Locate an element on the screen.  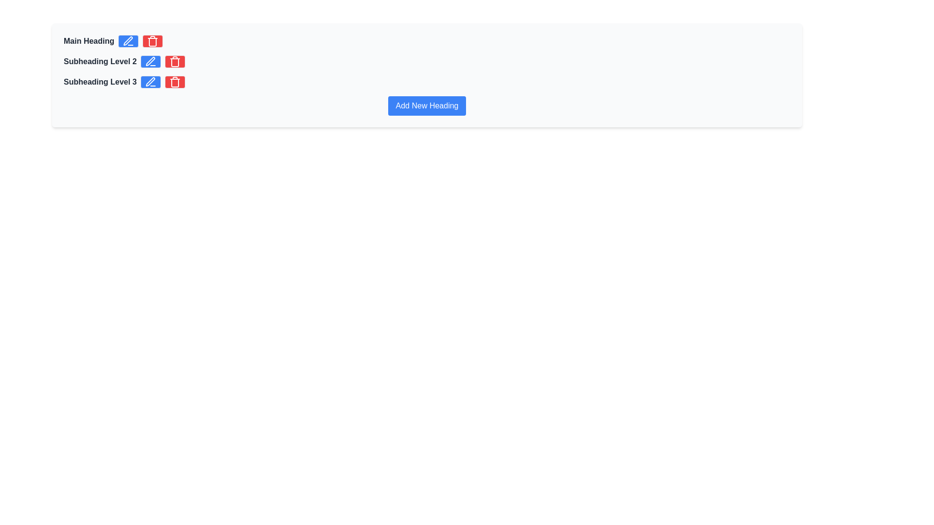
the editing icon button located next to the text 'Subheading Level 3' to initiate editing is located at coordinates (150, 81).